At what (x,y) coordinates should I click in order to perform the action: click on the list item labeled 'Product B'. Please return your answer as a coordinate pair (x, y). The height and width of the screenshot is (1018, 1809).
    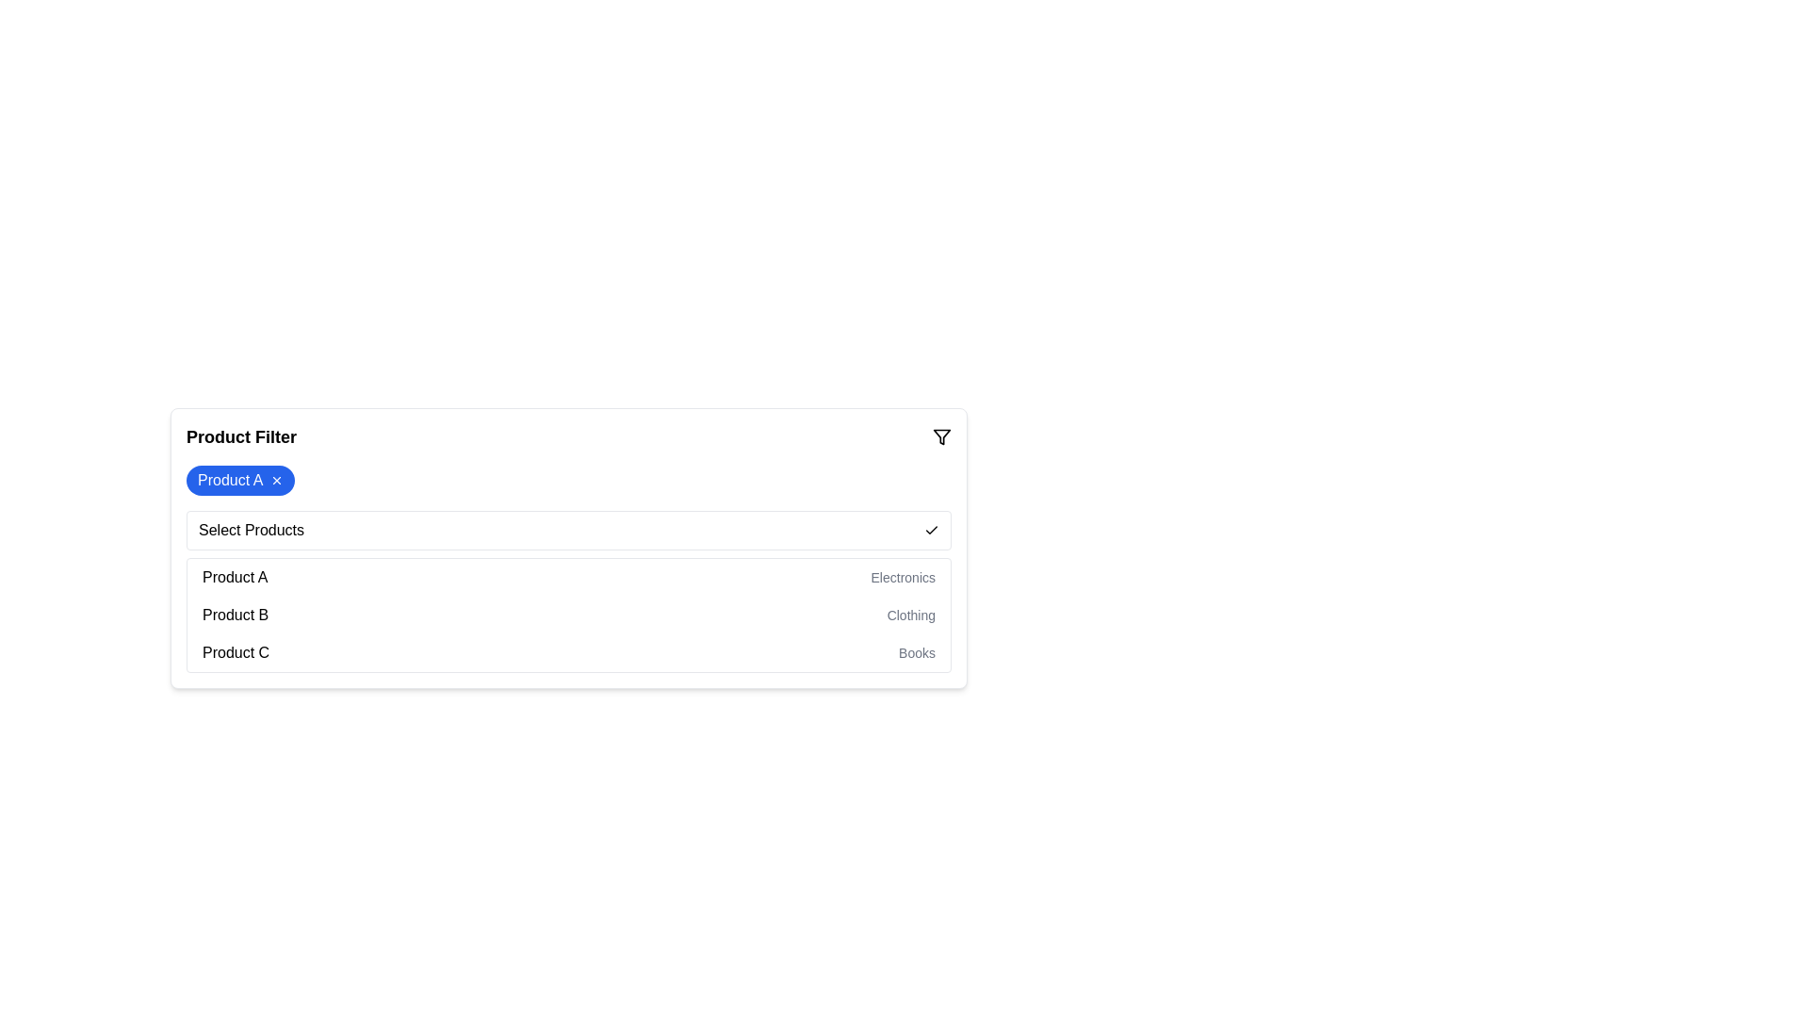
    Looking at the image, I should click on (568, 615).